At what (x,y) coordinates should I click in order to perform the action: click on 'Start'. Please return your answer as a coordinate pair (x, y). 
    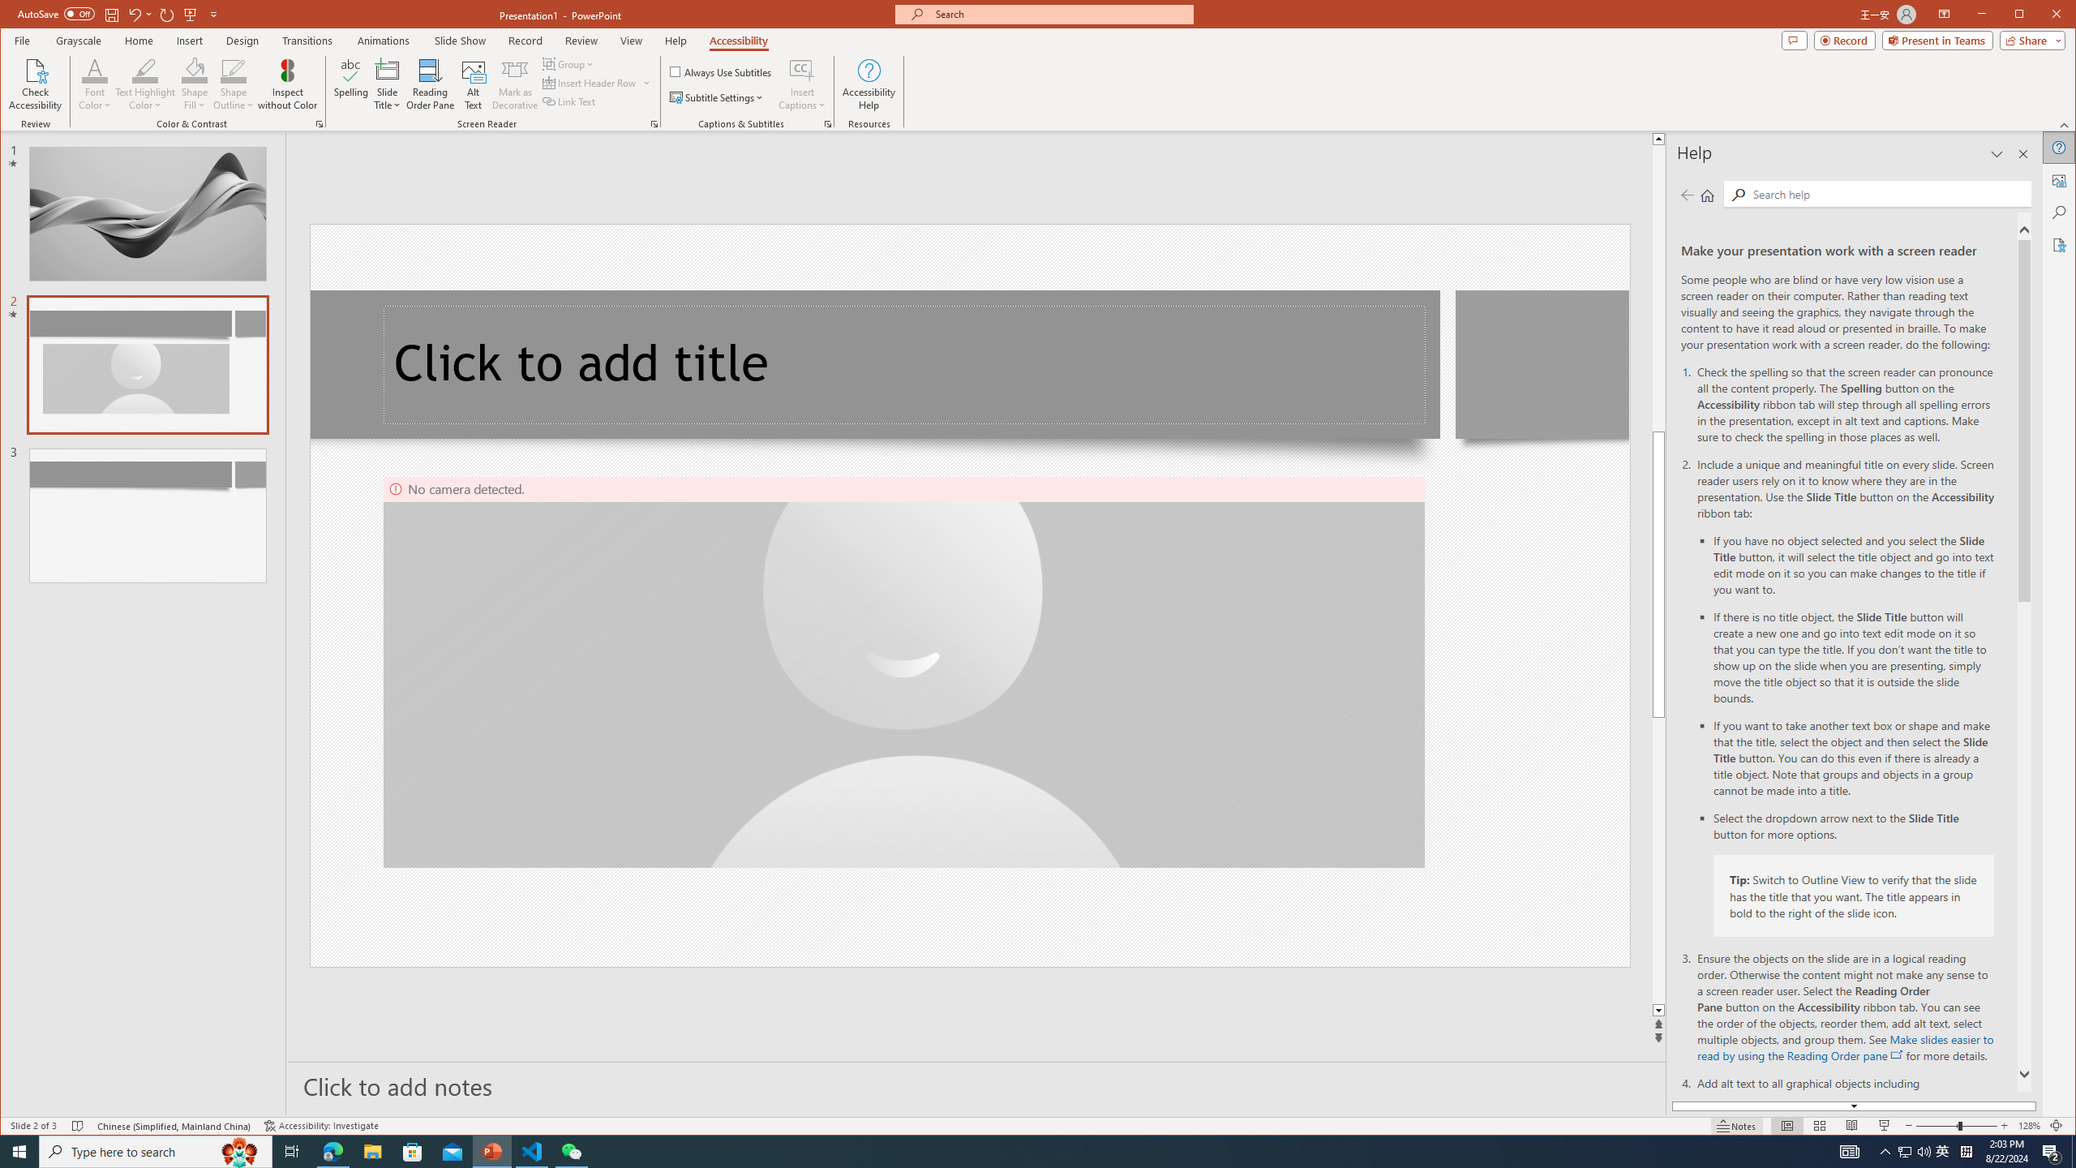
    Looking at the image, I should click on (19, 1150).